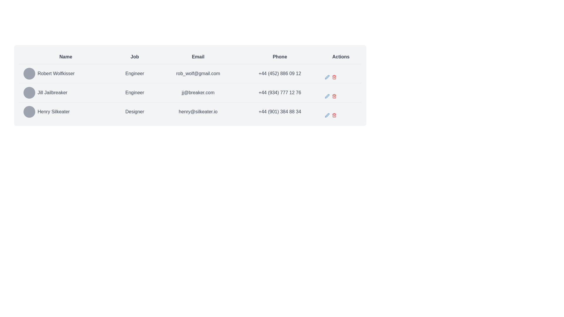 The height and width of the screenshot is (317, 564). Describe the element at coordinates (198, 57) in the screenshot. I see `the static text element that serves as the header for the Email column in the table, located between the 'Job' and 'Phone' headers` at that location.